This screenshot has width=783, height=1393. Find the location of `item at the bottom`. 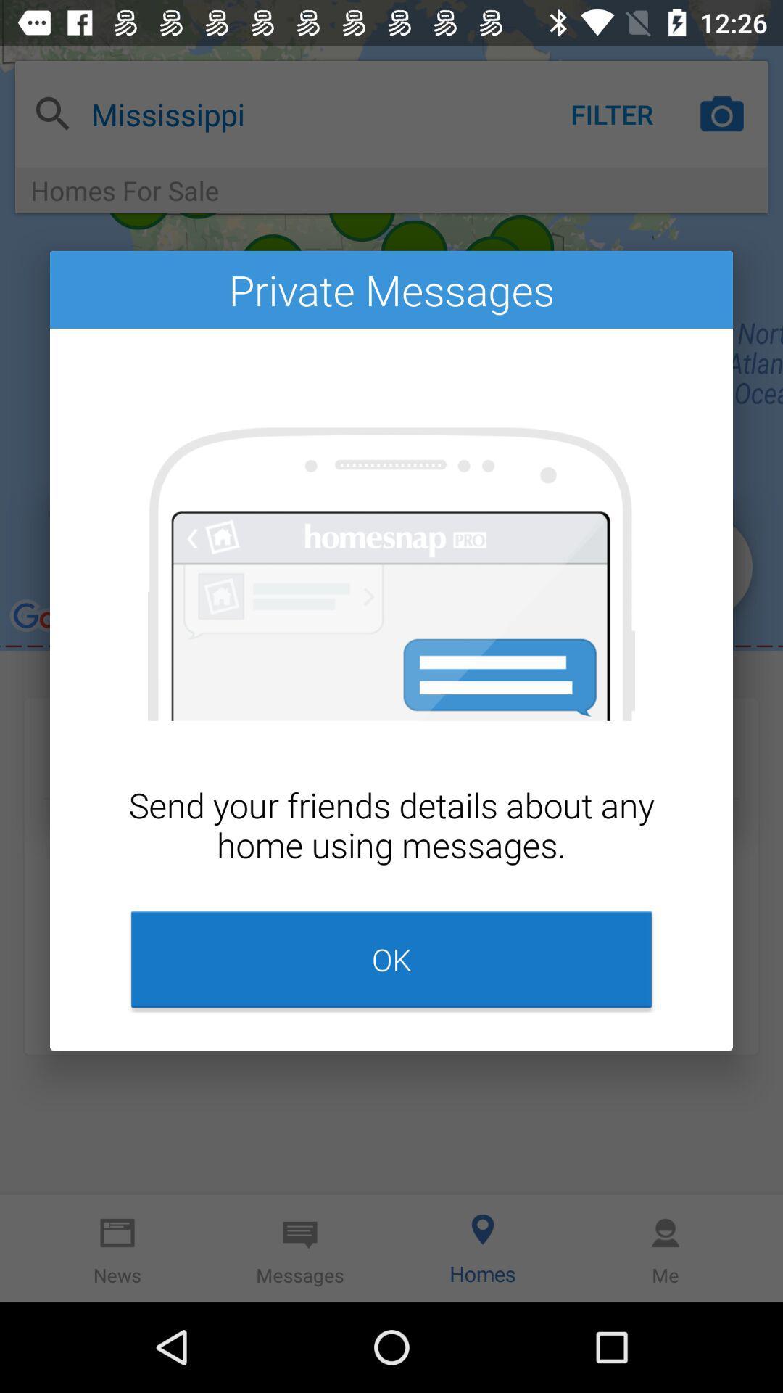

item at the bottom is located at coordinates (391, 959).